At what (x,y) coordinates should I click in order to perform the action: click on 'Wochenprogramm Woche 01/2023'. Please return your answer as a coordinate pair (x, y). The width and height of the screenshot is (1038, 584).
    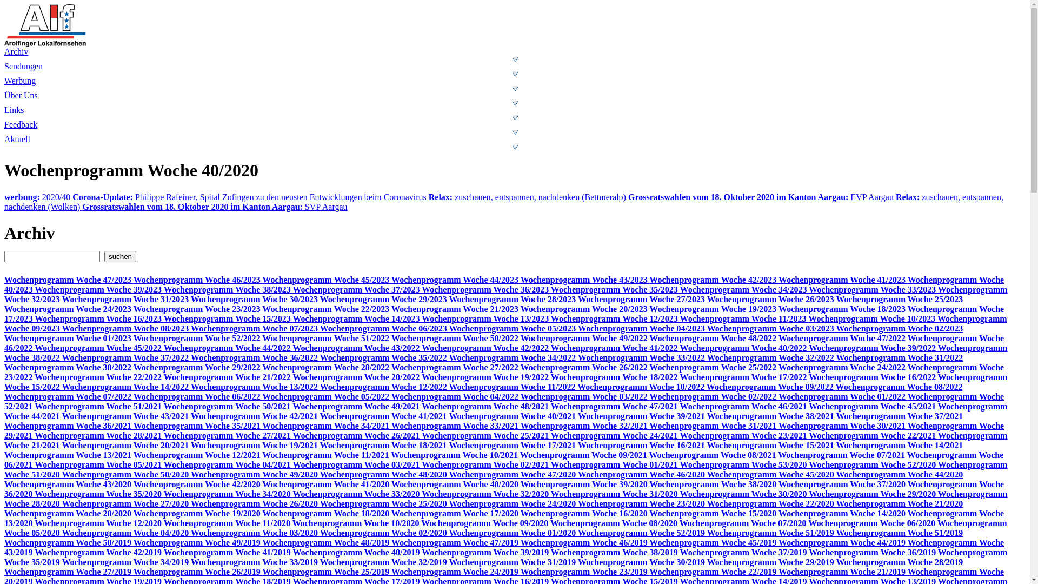
    Looking at the image, I should click on (68, 337).